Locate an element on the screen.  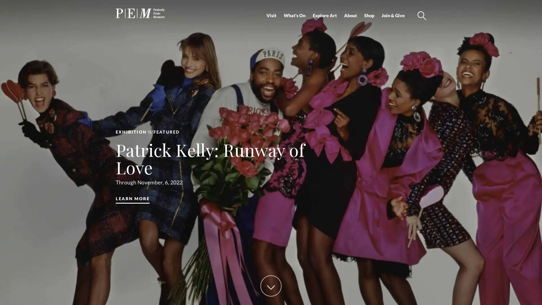
Scroll Down is located at coordinates (270, 286).